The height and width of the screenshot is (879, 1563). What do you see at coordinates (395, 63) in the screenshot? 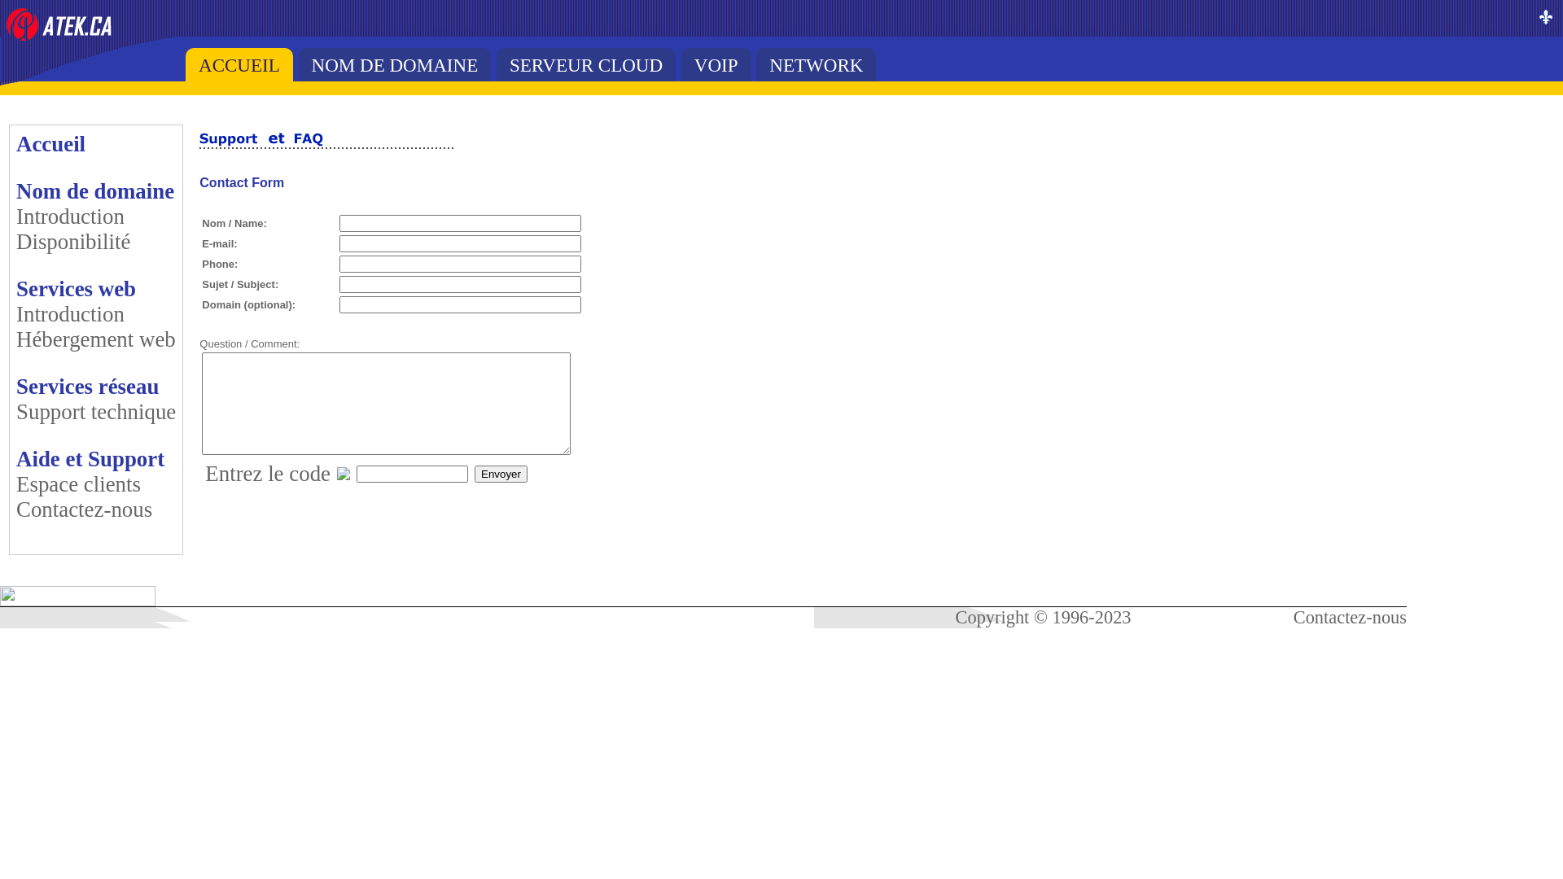
I see `'NOM DE DOMAINE'` at bounding box center [395, 63].